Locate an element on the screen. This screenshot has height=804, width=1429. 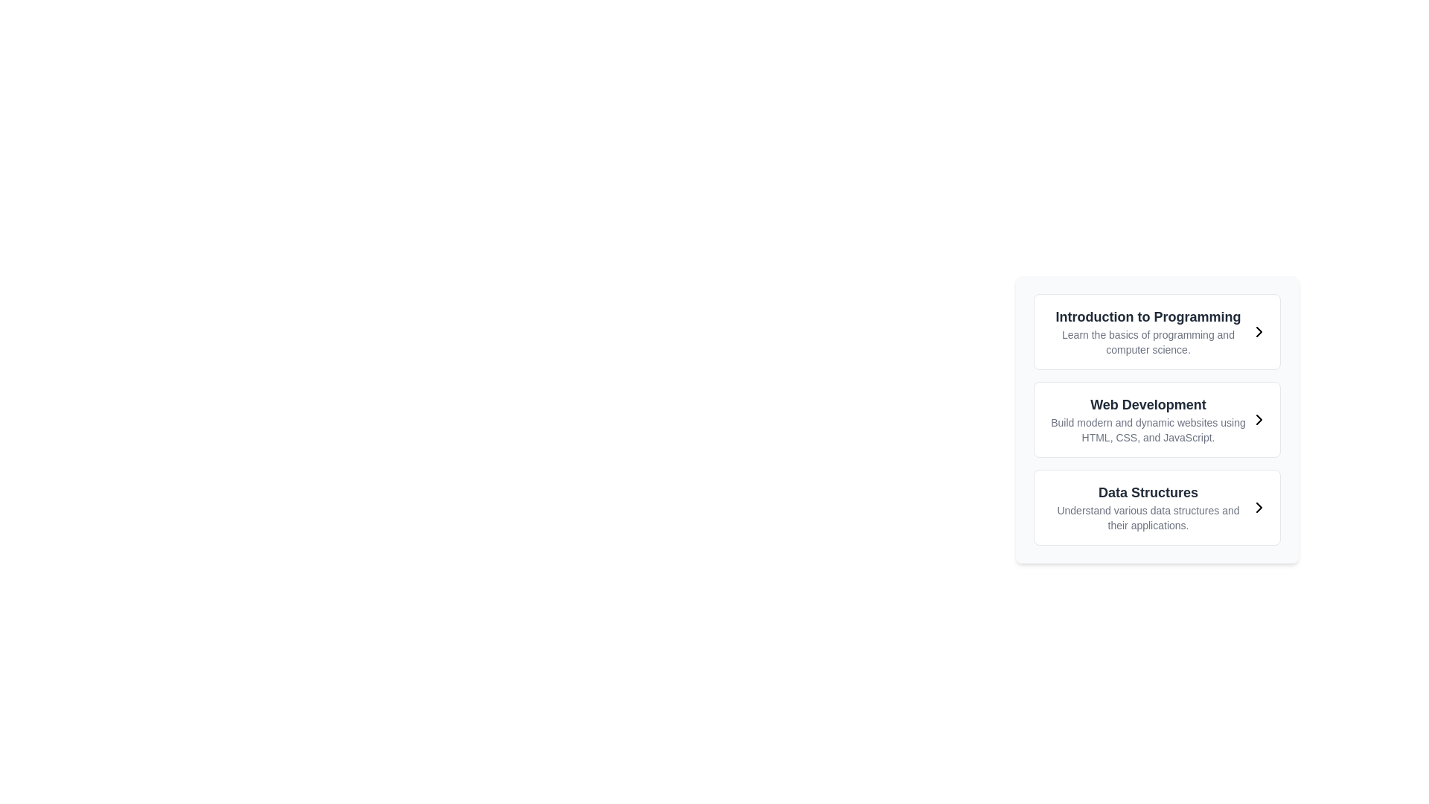
text component that contains the sentence 'Understand various data structures and their applications.' located directly beneath the heading 'Data Structures' in the third card of the vertically stacked list is located at coordinates (1147, 517).